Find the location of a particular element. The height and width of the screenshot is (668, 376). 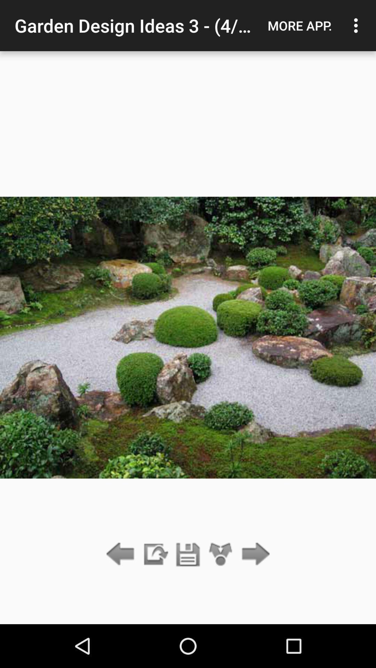

more app. is located at coordinates (299, 25).